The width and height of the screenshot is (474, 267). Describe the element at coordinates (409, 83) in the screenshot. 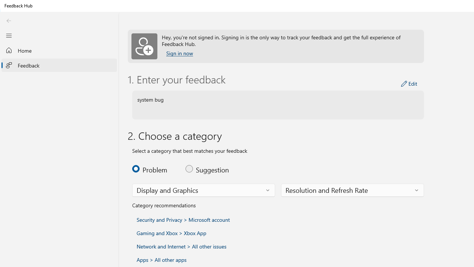

I see `'Edit your feedback details'` at that location.